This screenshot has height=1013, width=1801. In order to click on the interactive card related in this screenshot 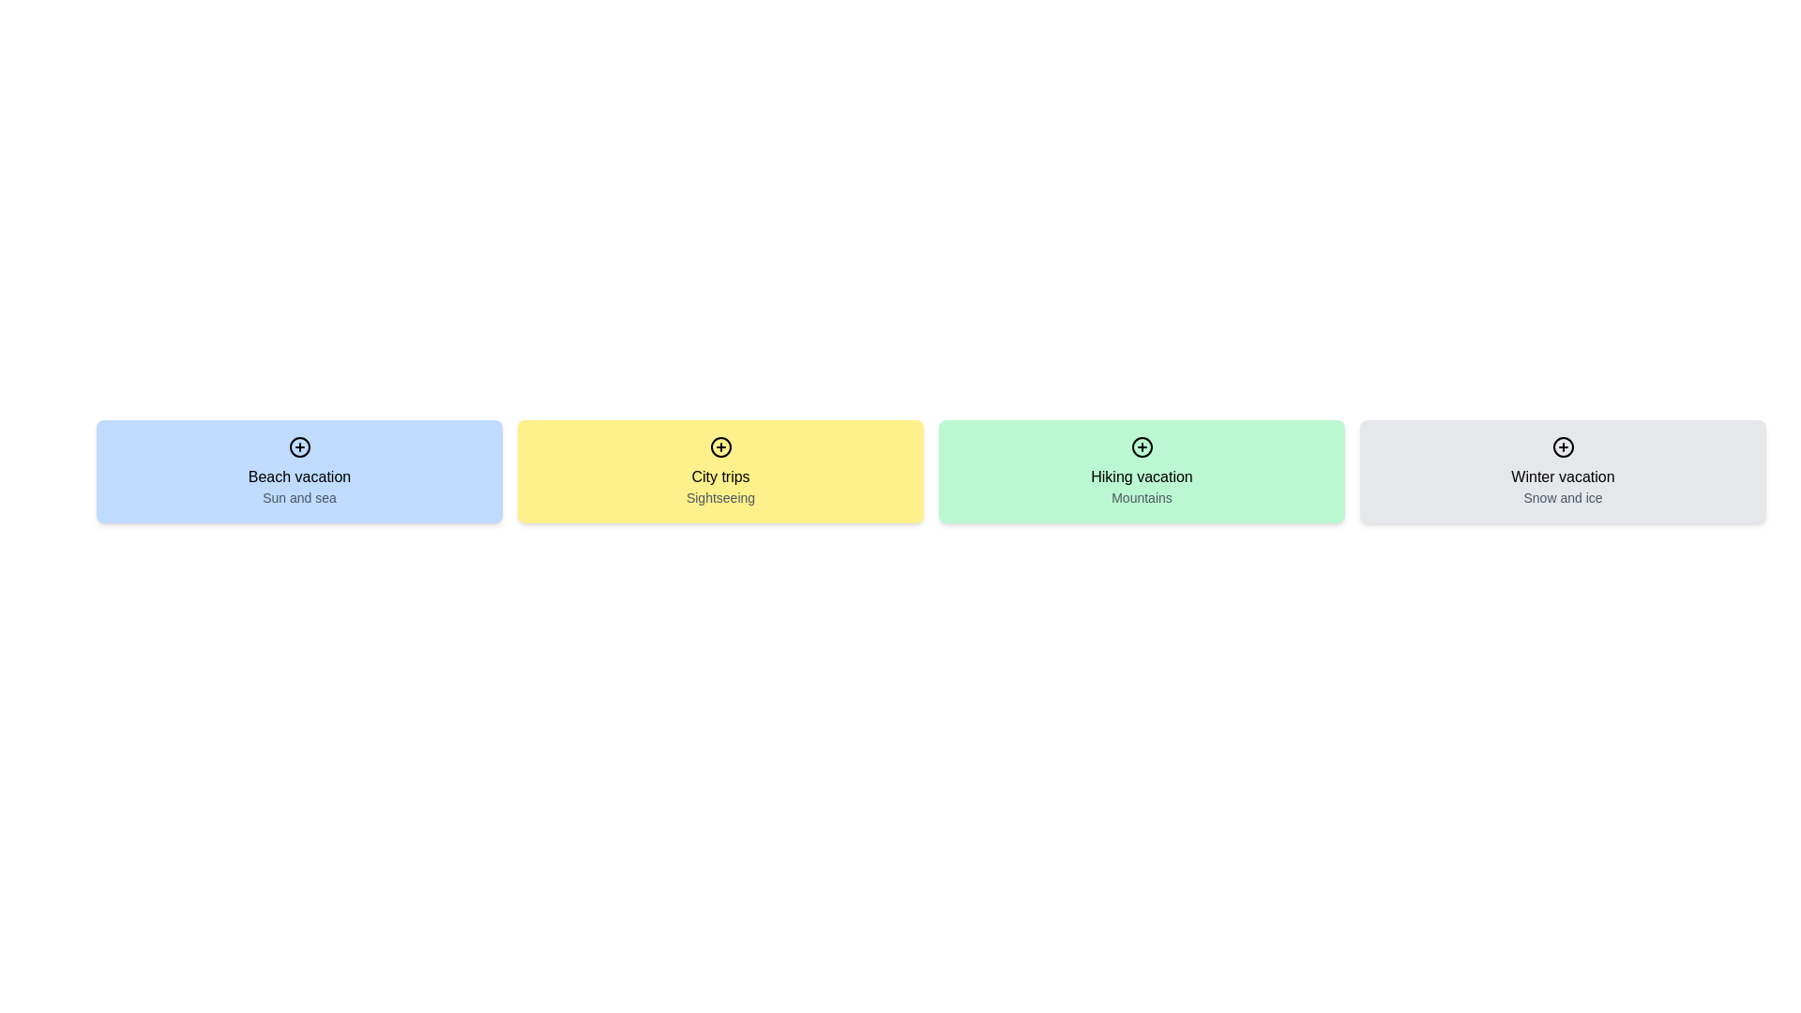, I will do `click(1563, 470)`.